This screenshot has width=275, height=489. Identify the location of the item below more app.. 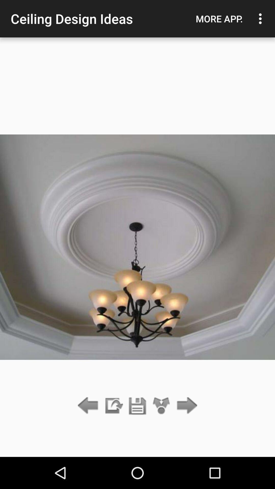
(186, 406).